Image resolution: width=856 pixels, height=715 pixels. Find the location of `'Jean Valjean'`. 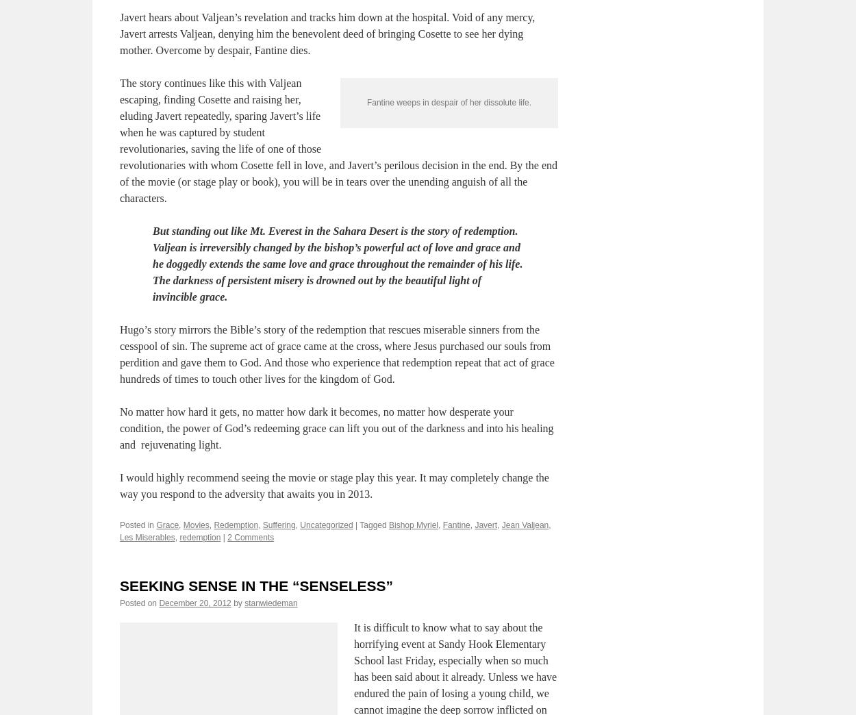

'Jean Valjean' is located at coordinates (501, 590).